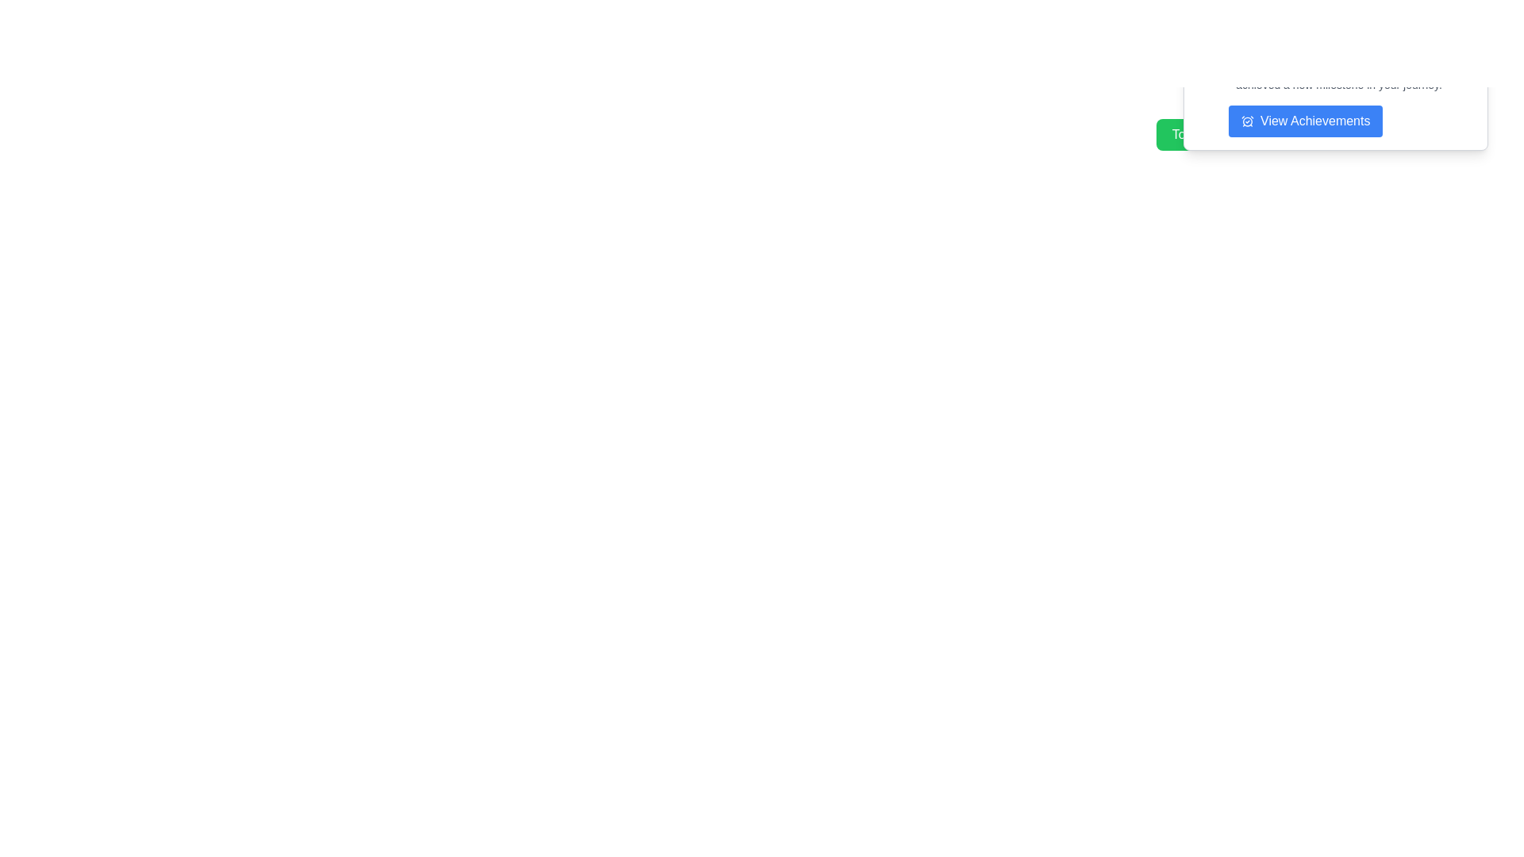  I want to click on the third button below the 'Celebratory Alert' text and a congratulatory message, so click(1306, 121).